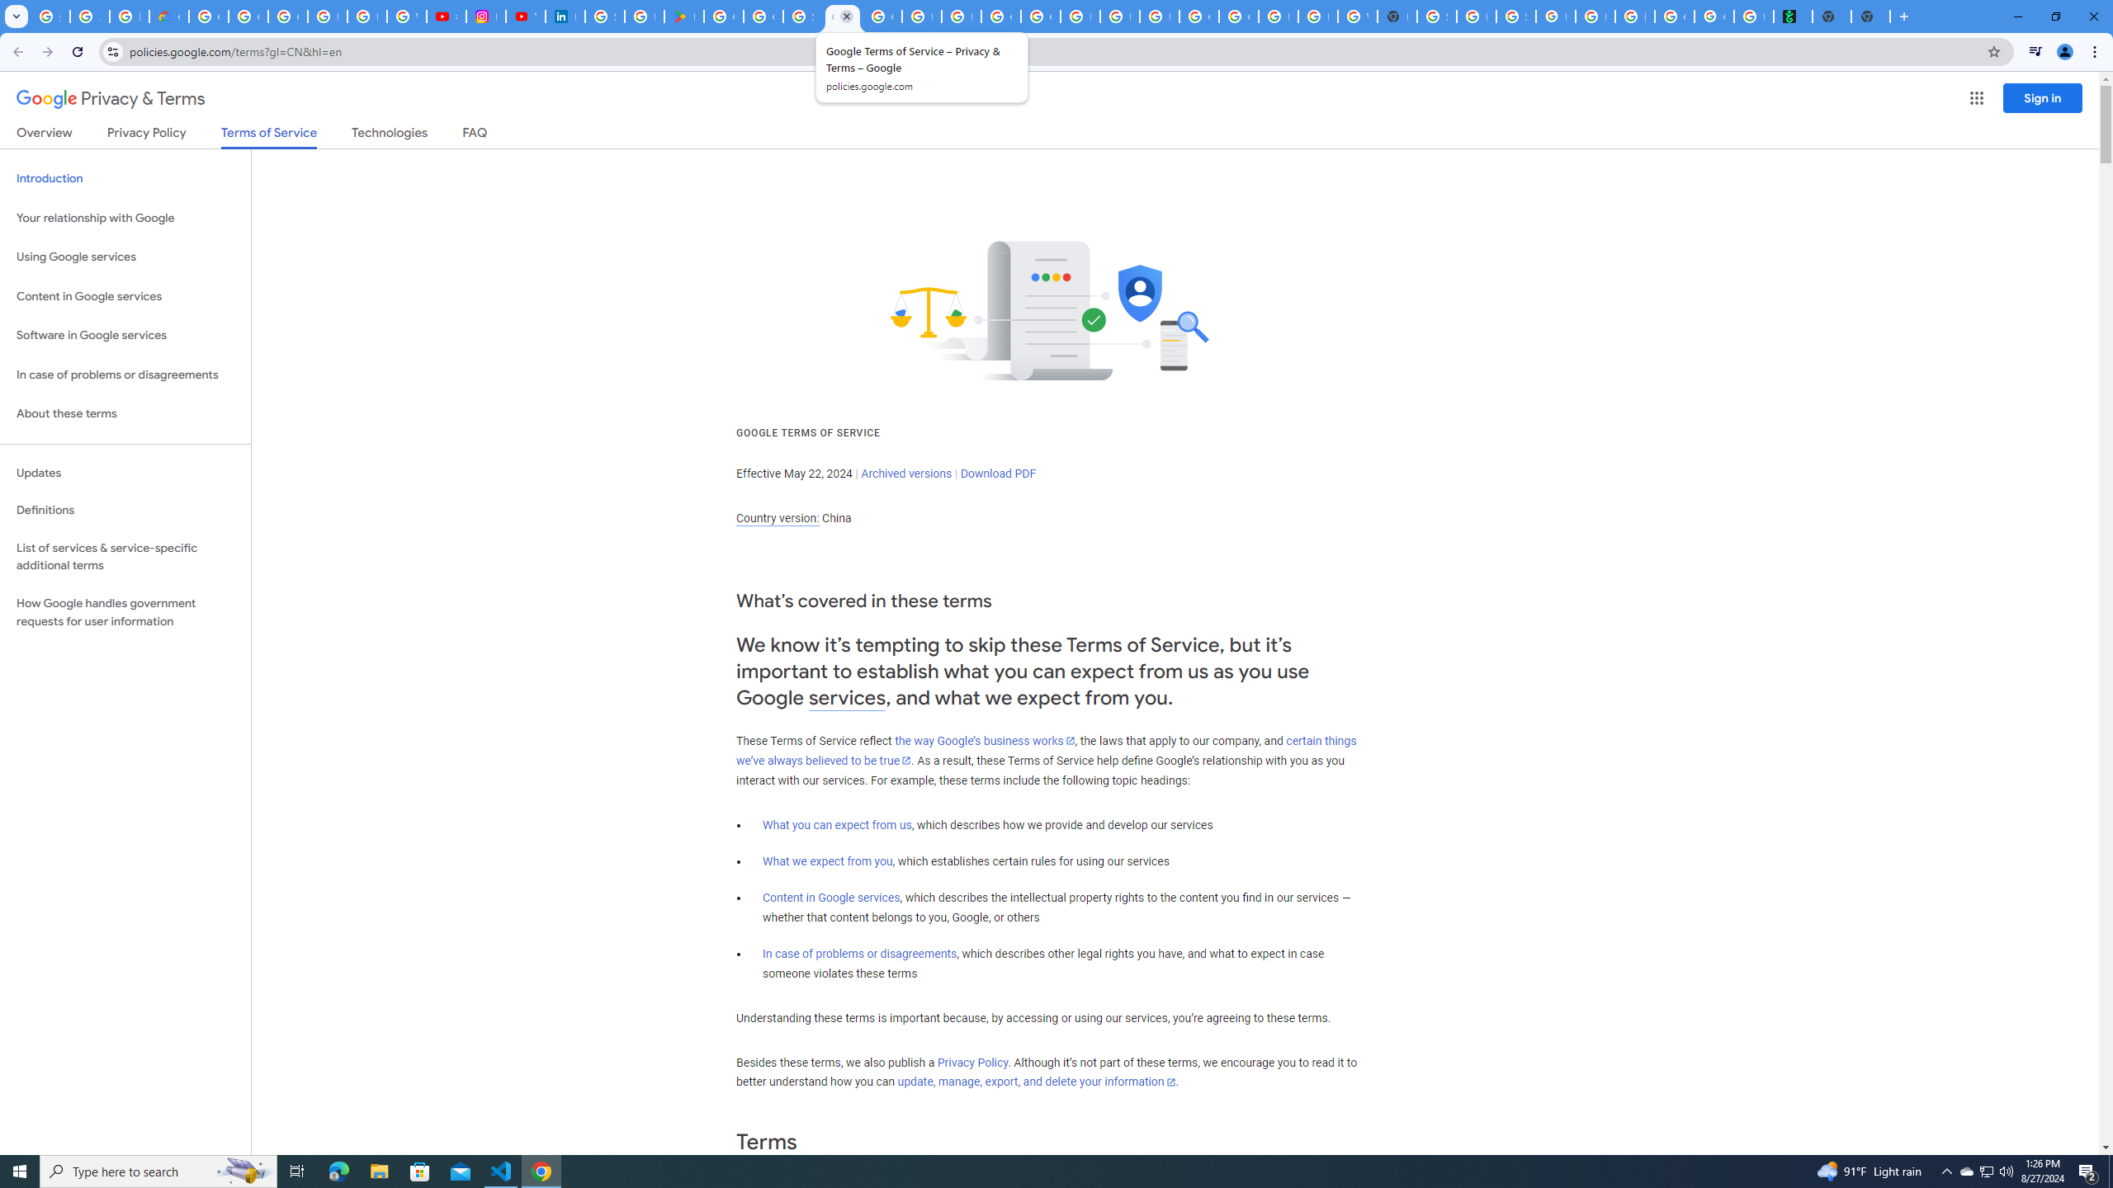  What do you see at coordinates (125, 256) in the screenshot?
I see `'Using Google services'` at bounding box center [125, 256].